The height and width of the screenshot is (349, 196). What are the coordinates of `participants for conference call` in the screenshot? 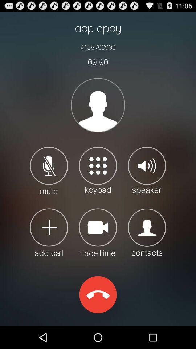 It's located at (49, 232).